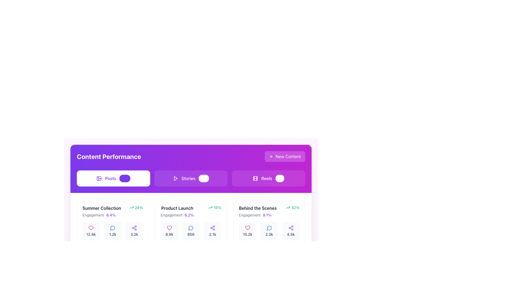  I want to click on the text element displaying 'Engagement' and '8.4%' in the 'Summer Collection' section, which is styled with a smaller gray font on the left and a bold violet font on the right, so click(102, 215).